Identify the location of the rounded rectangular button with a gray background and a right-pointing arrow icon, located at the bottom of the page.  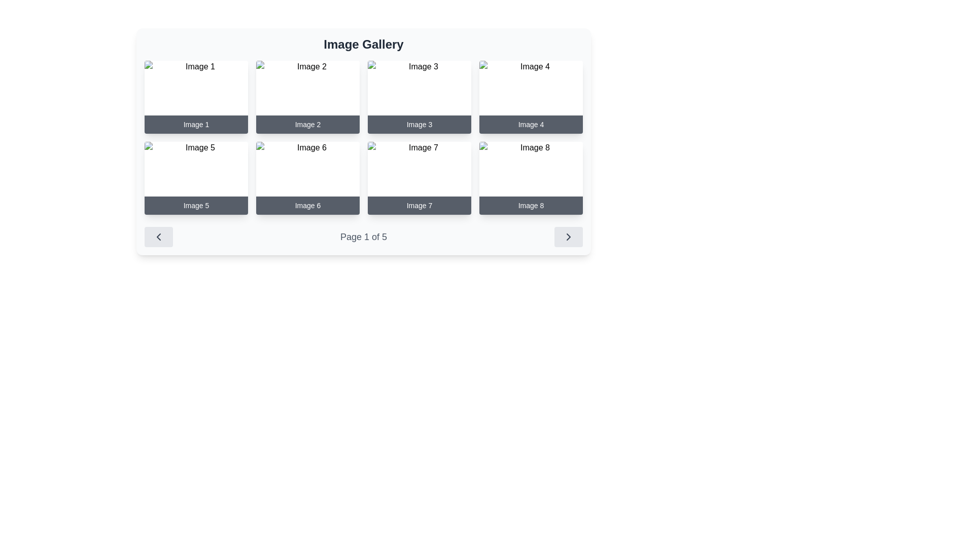
(569, 237).